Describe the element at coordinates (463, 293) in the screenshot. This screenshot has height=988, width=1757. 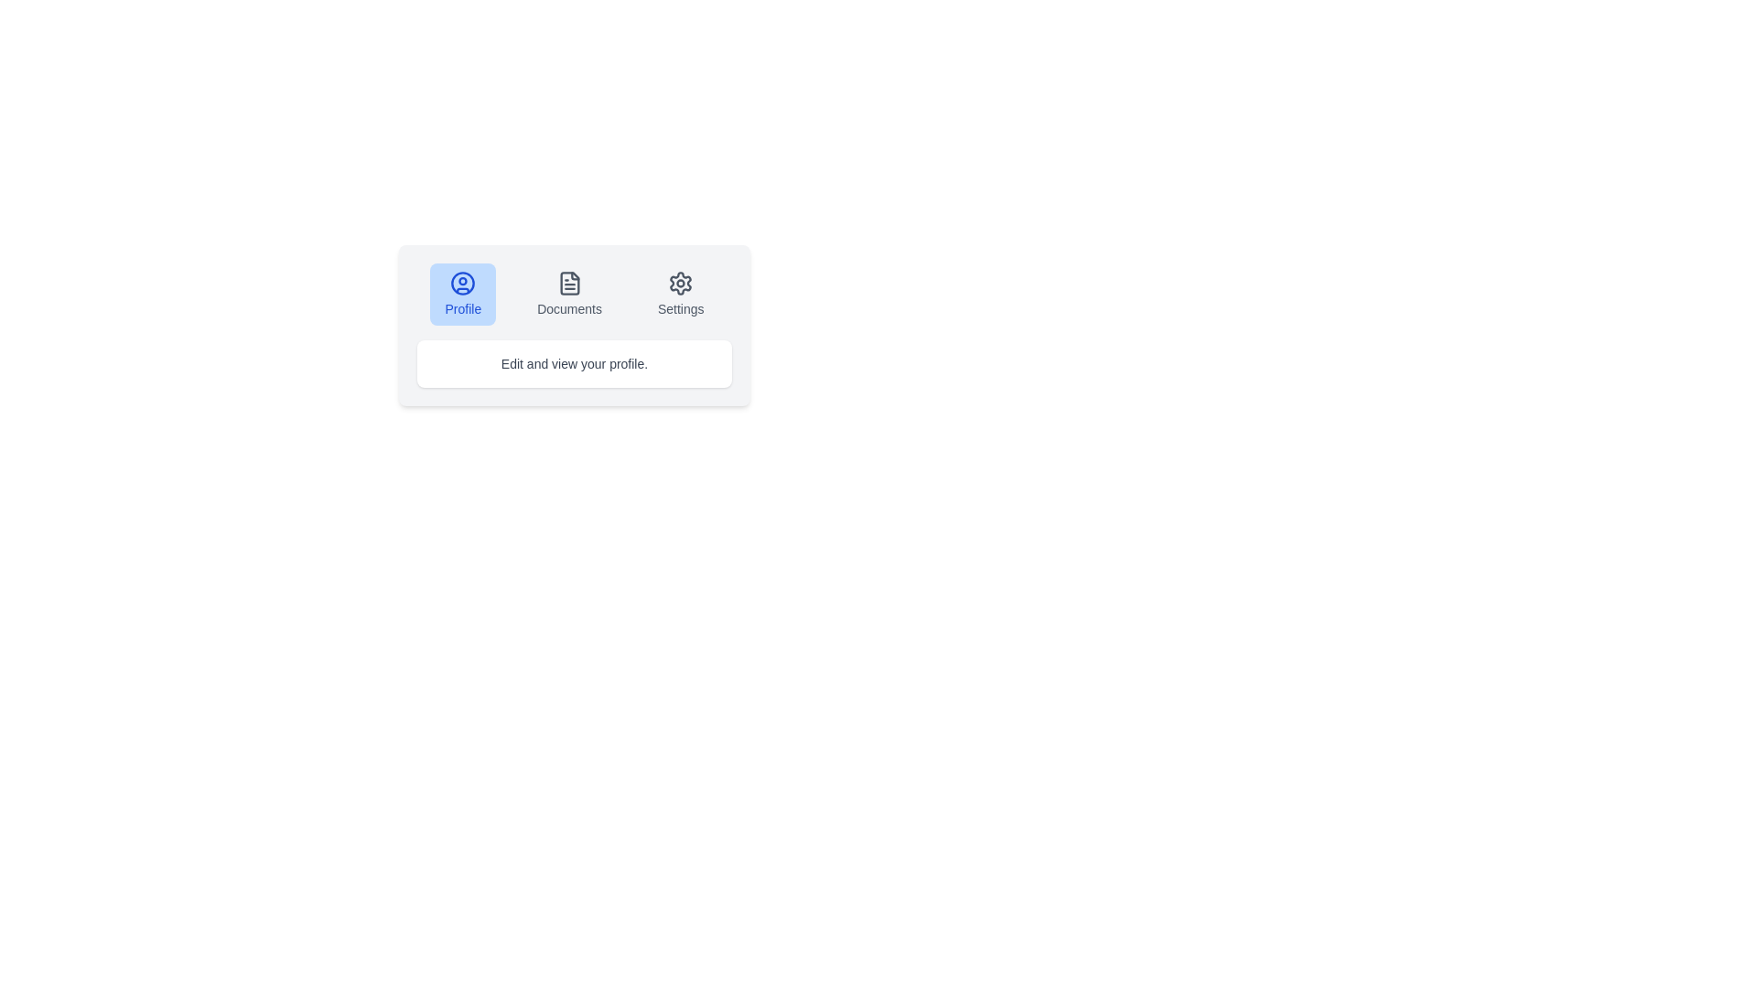
I see `the 'Profile' button, which is a rounded square with a light blue background and a blue user icon above the label 'Profile'` at that location.